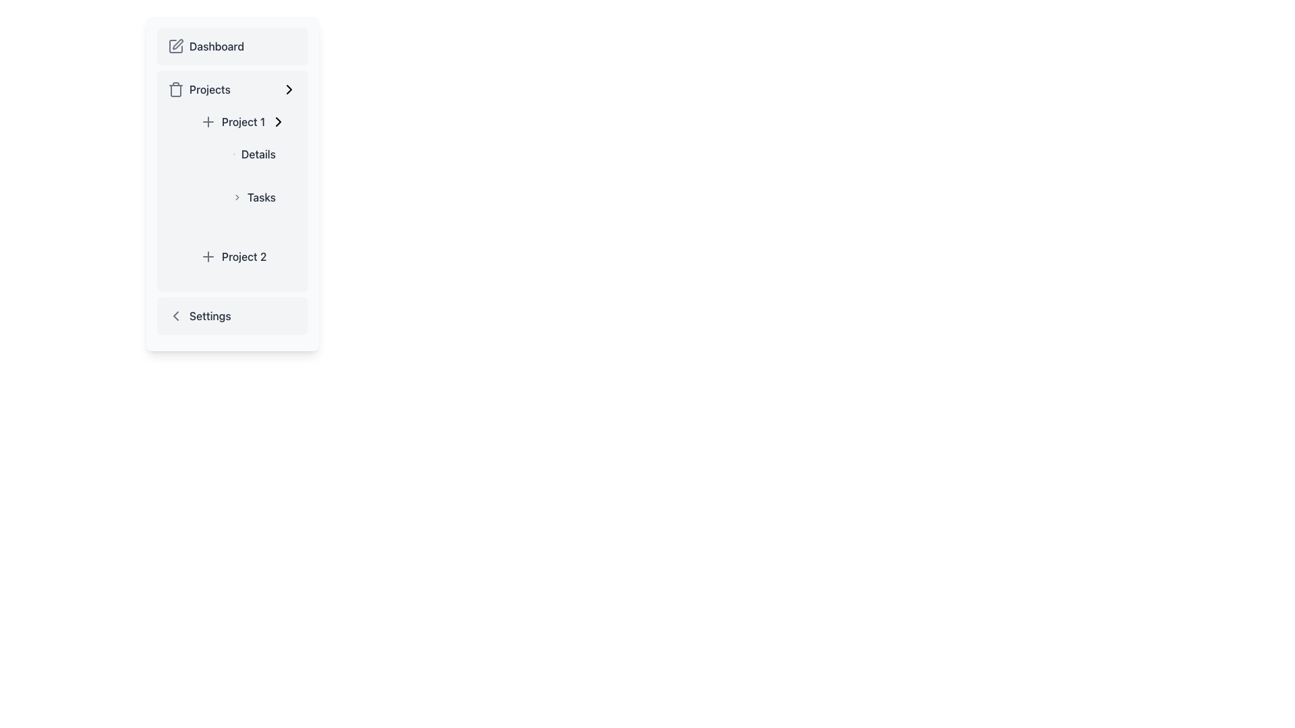 The height and width of the screenshot is (728, 1295). I want to click on the pen-like edit icon located inside the 'Dashboard' button, so click(177, 43).